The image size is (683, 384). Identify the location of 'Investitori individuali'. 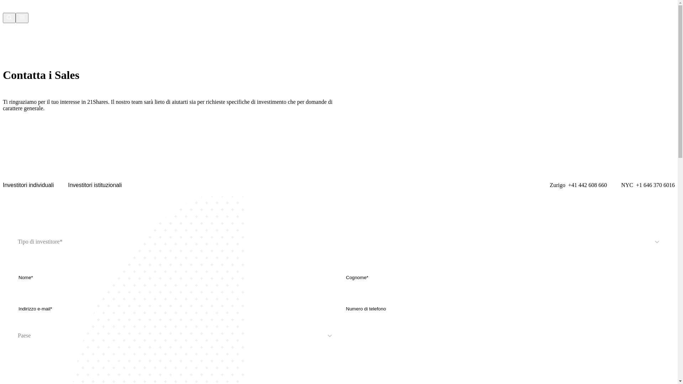
(28, 185).